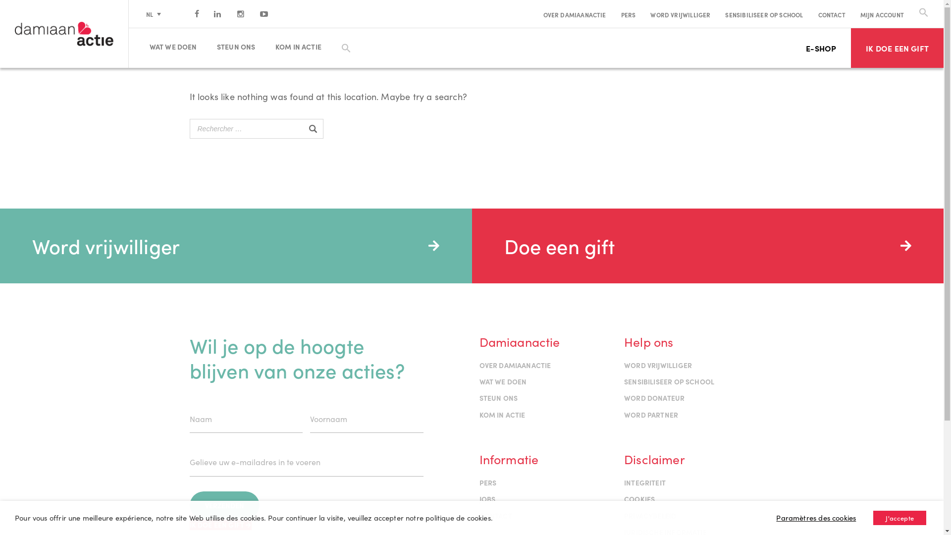 The width and height of the screenshot is (951, 535). Describe the element at coordinates (302, 46) in the screenshot. I see `'KOM IN ACTIE'` at that location.